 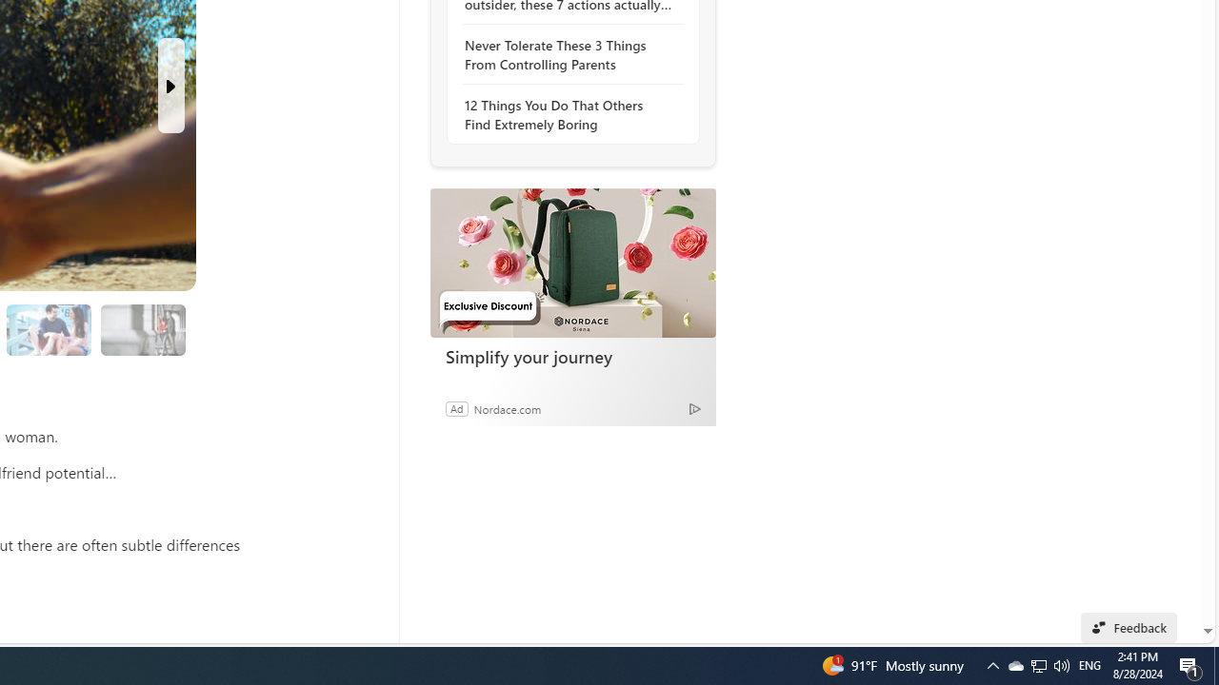 I want to click on 'Next Slide', so click(x=170, y=86).